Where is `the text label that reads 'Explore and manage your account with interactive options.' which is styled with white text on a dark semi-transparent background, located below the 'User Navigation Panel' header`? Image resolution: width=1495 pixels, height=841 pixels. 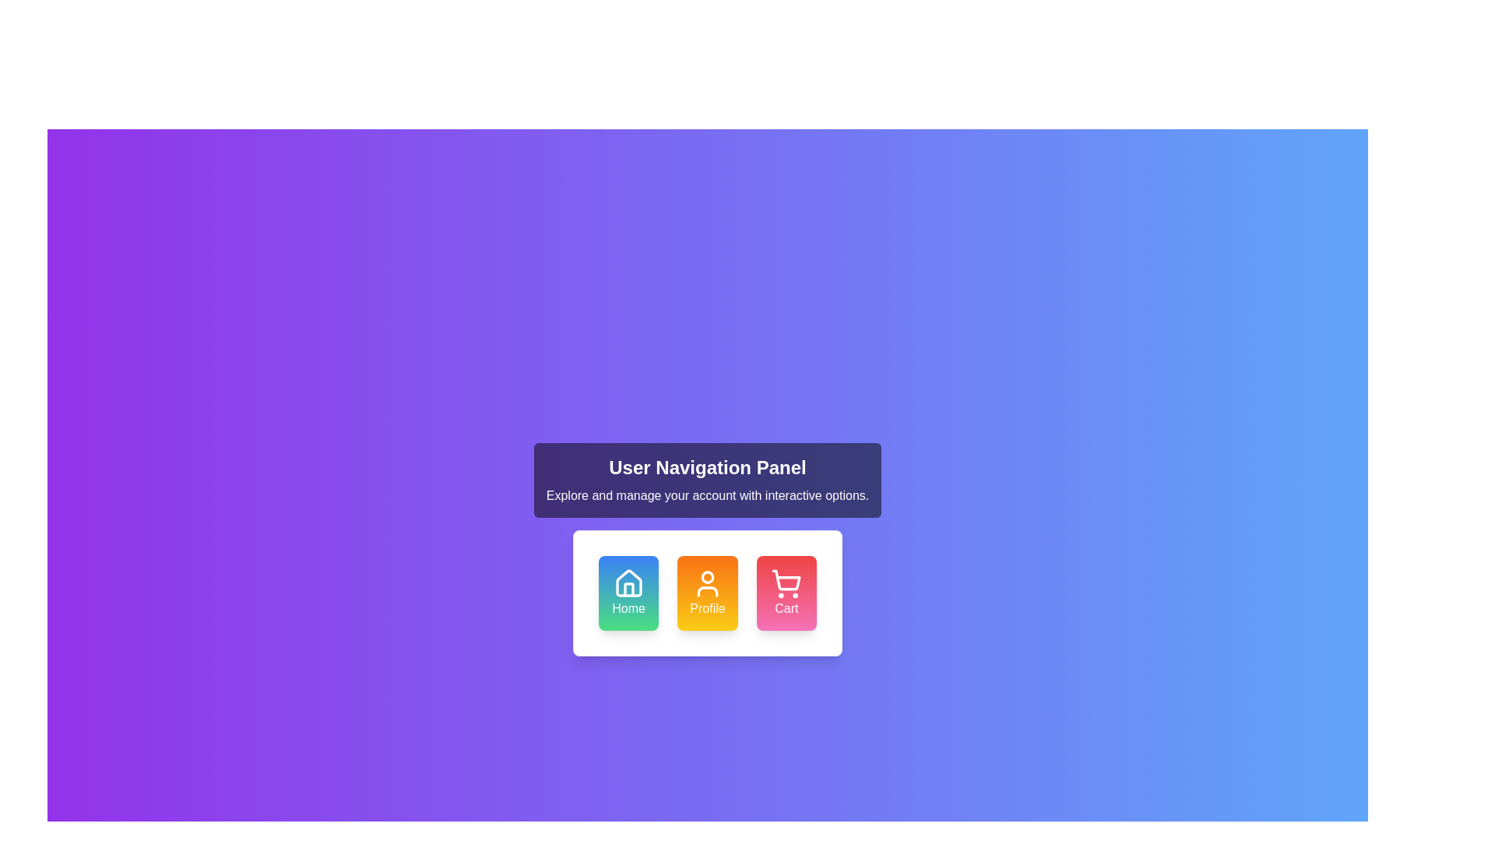 the text label that reads 'Explore and manage your account with interactive options.' which is styled with white text on a dark semi-transparent background, located below the 'User Navigation Panel' header is located at coordinates (706, 495).